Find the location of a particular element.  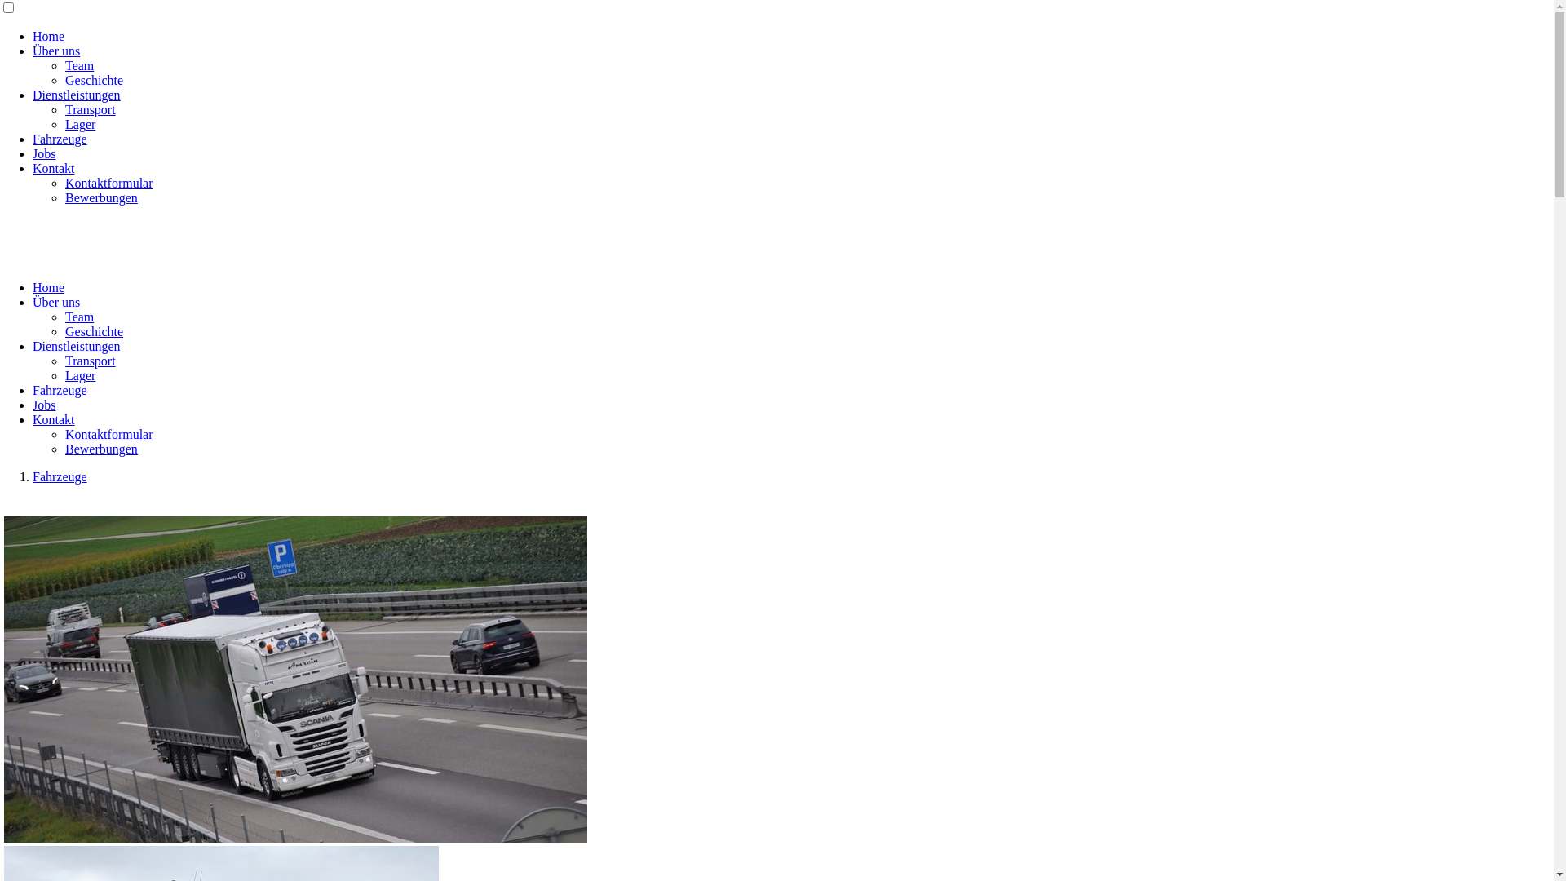

'Home' is located at coordinates (48, 36).